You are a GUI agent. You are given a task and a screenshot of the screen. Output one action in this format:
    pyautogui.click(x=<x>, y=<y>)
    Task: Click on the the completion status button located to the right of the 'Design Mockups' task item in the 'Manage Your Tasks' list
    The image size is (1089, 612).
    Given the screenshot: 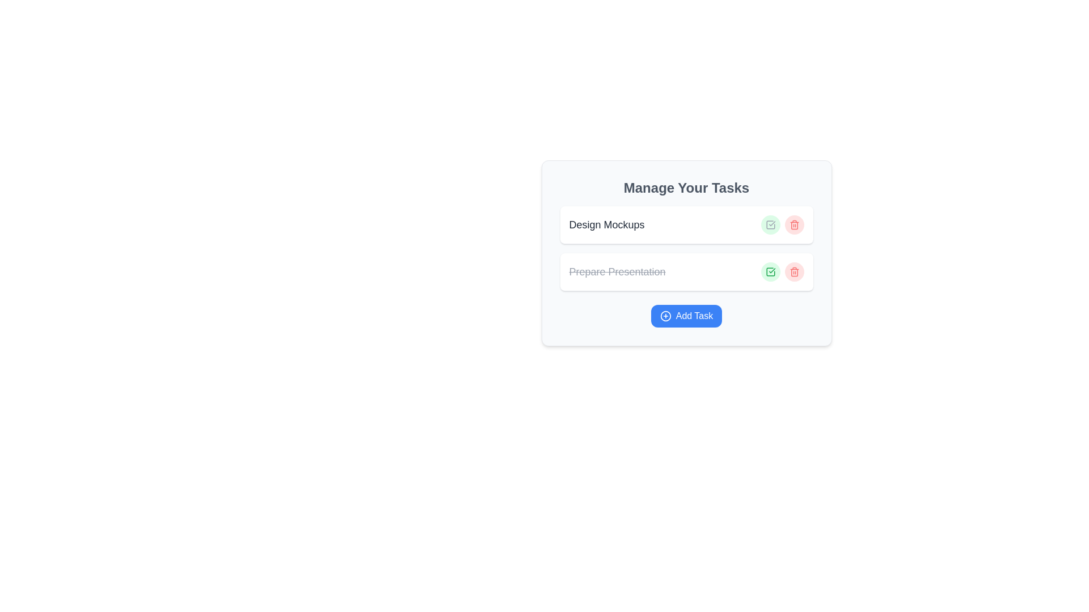 What is the action you would take?
    pyautogui.click(x=770, y=225)
    